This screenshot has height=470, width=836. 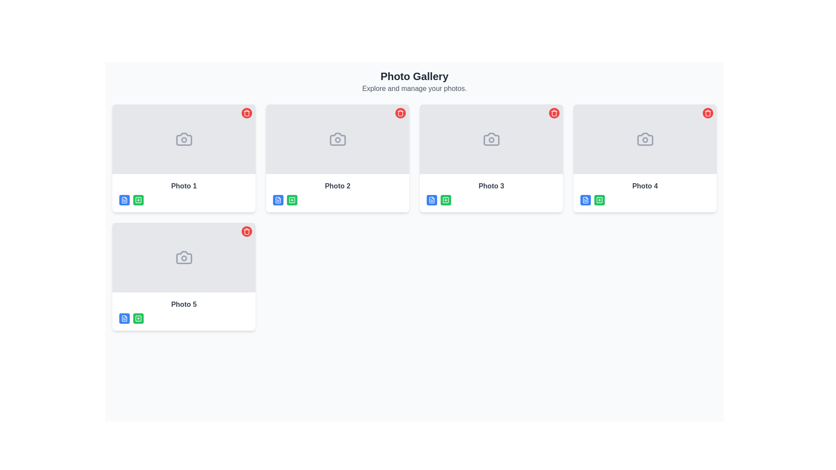 What do you see at coordinates (414, 76) in the screenshot?
I see `the bold header text 'Photo Gallery' located at the top-center of the interface` at bounding box center [414, 76].